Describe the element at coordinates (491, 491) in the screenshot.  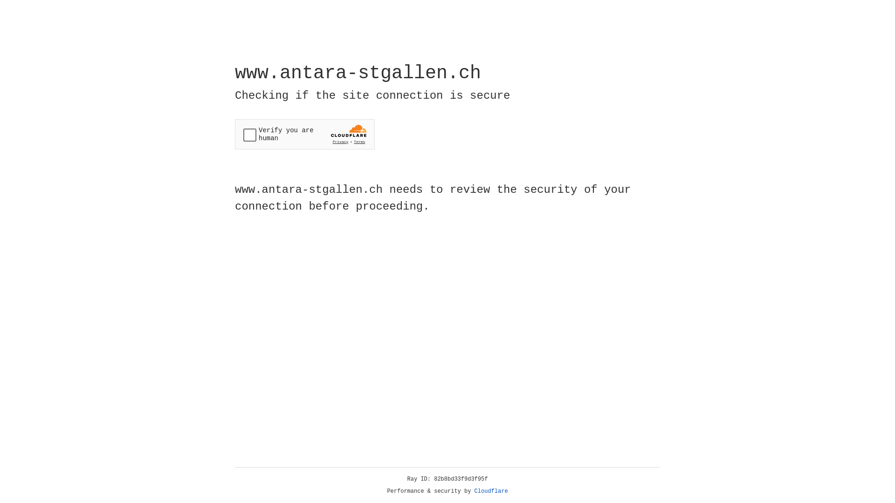
I see `'Cloudflare'` at that location.